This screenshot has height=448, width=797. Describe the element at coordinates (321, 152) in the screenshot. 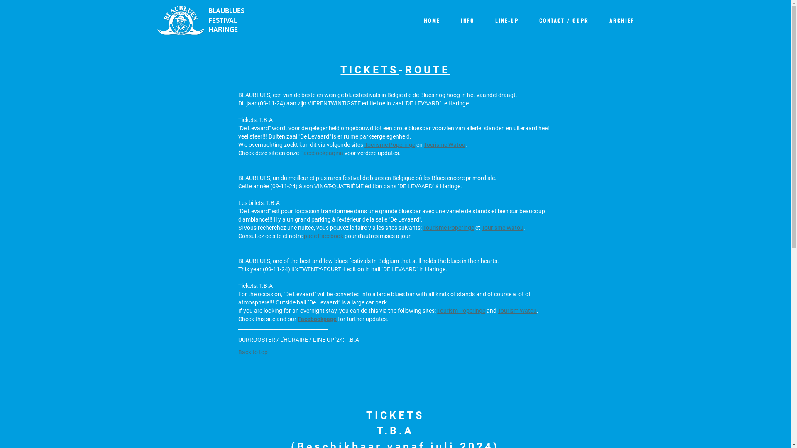

I see `'Facebookpagina'` at that location.